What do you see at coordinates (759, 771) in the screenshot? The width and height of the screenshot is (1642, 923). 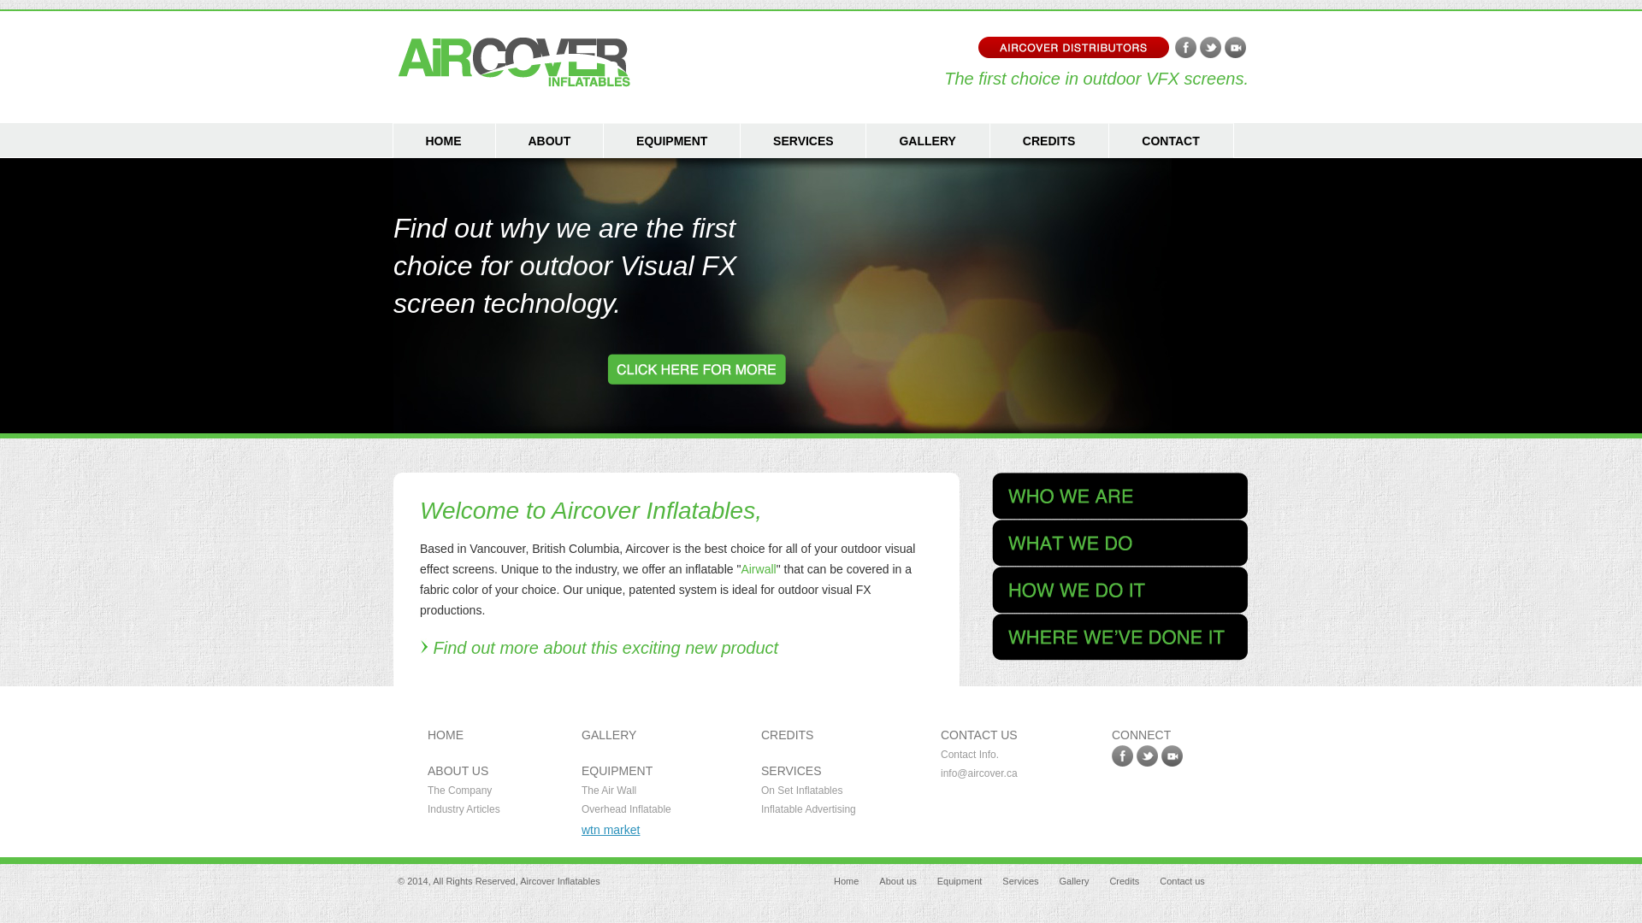 I see `'SERVICES'` at bounding box center [759, 771].